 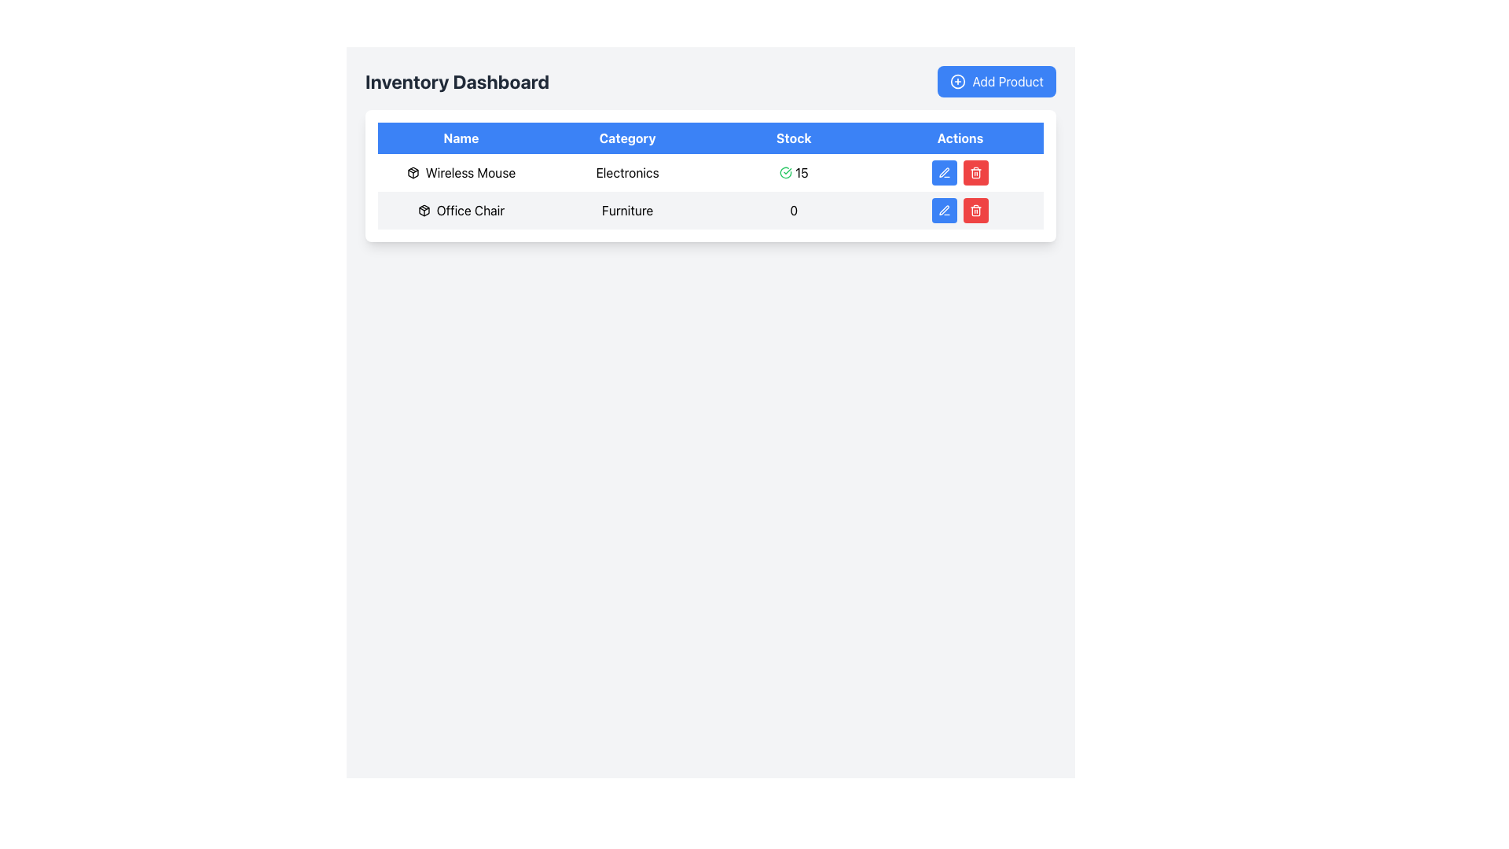 What do you see at coordinates (626, 138) in the screenshot?
I see `the 'Category' text label, which is the second column header in the Inventory Dashboard table, positioned between 'Name' and 'Stock'` at bounding box center [626, 138].